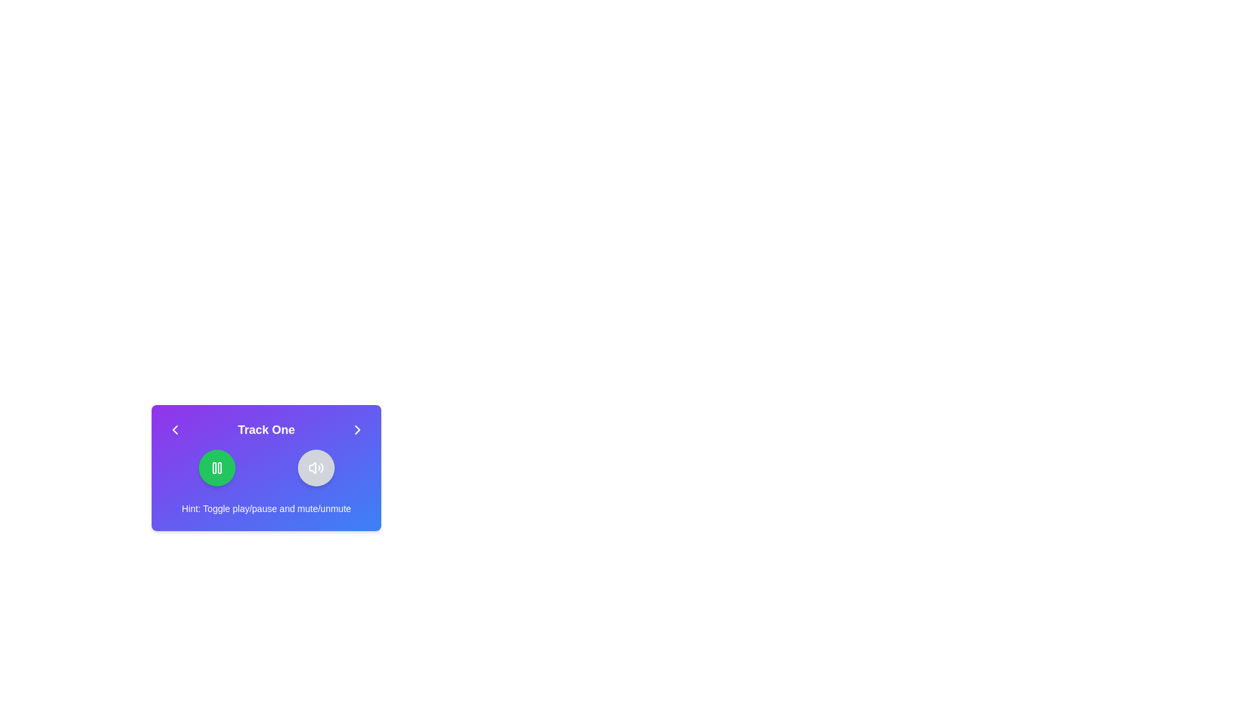 The width and height of the screenshot is (1260, 709). Describe the element at coordinates (266, 467) in the screenshot. I see `the mute/unmute button in the control panel for 'Track One'` at that location.